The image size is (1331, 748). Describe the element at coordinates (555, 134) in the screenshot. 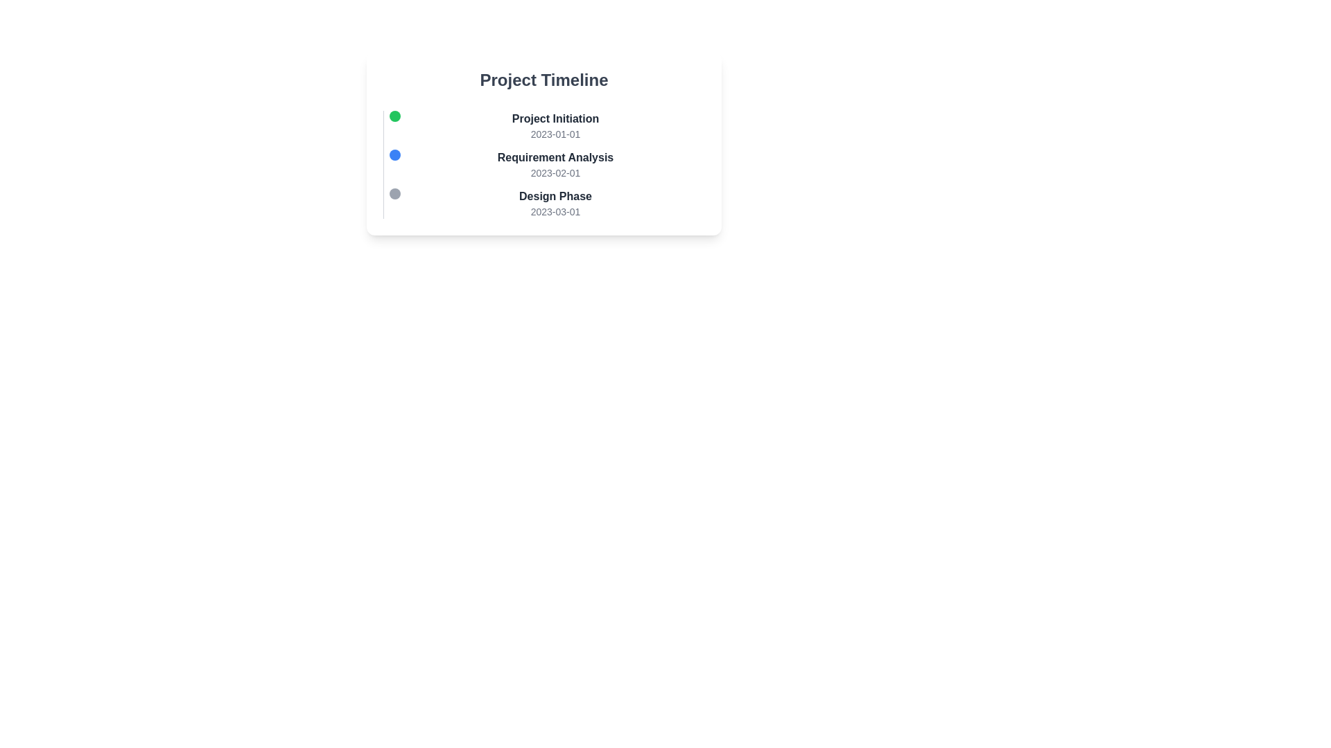

I see `displayed date '2023-01-01' located below the text 'Project Initiation' in the vertical timeline` at that location.